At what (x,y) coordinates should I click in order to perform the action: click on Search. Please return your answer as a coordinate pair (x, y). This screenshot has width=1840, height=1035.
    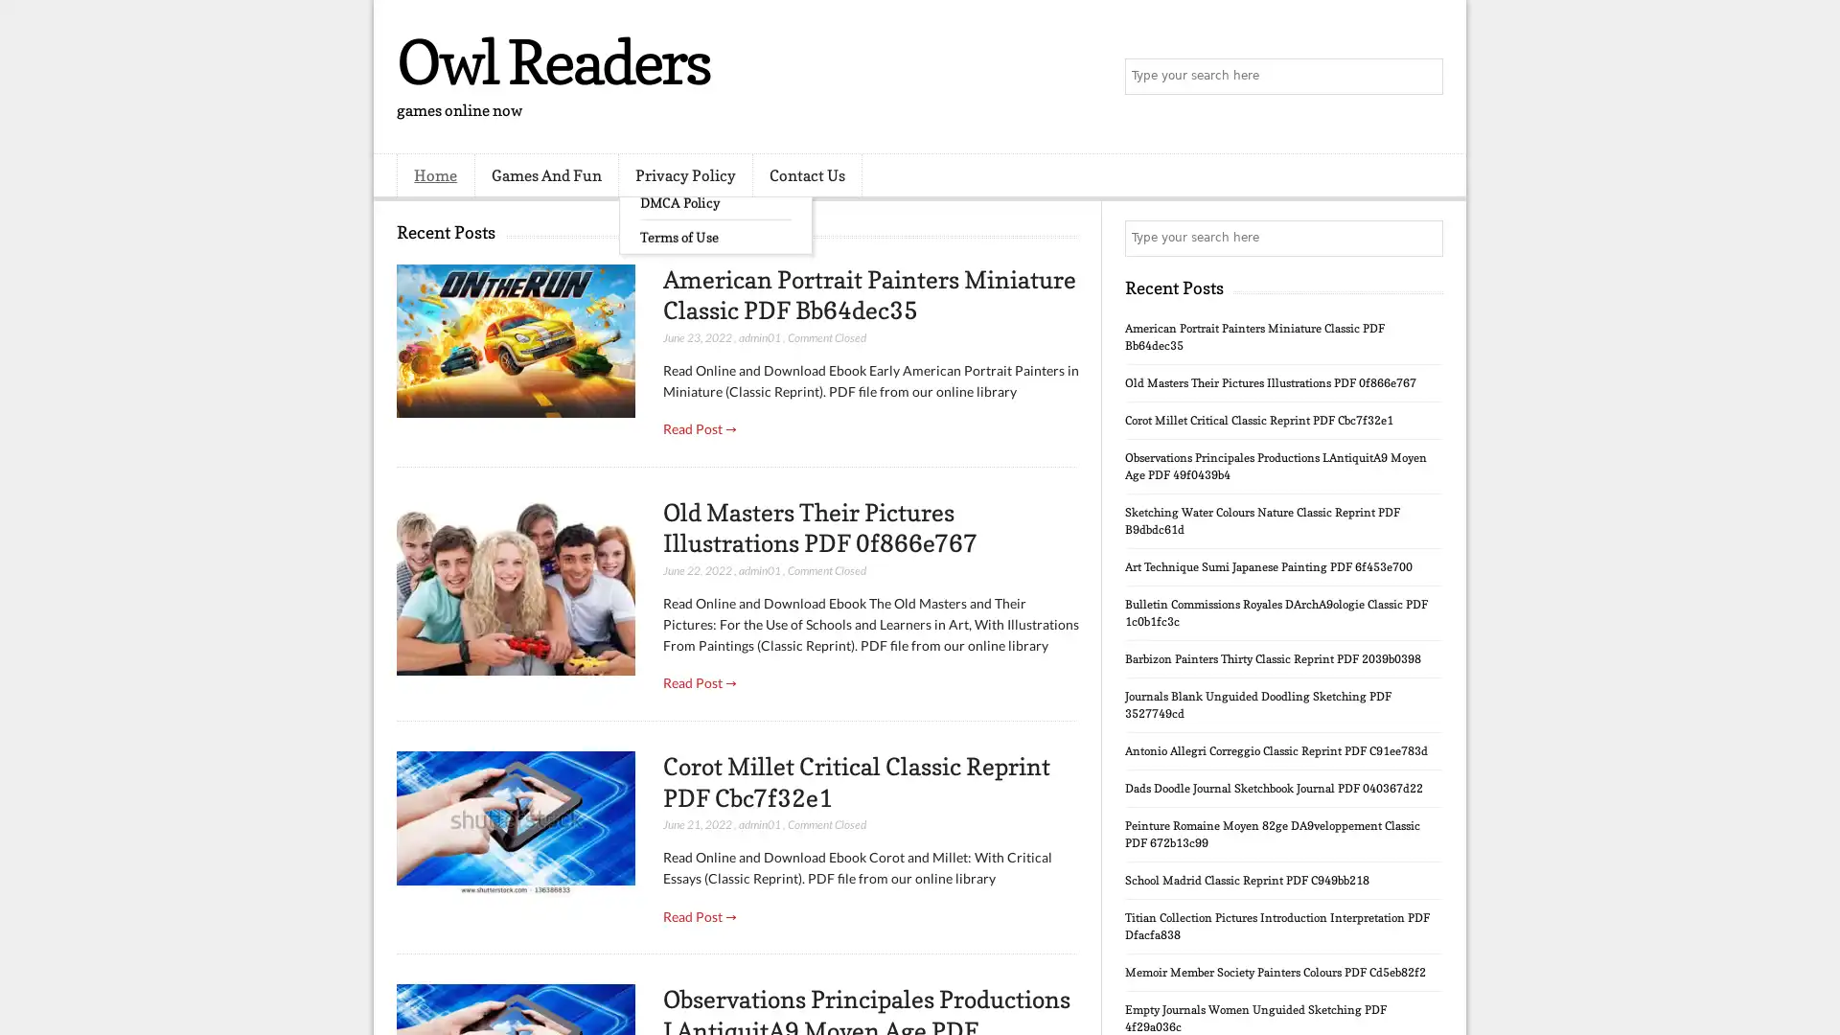
    Looking at the image, I should click on (1423, 238).